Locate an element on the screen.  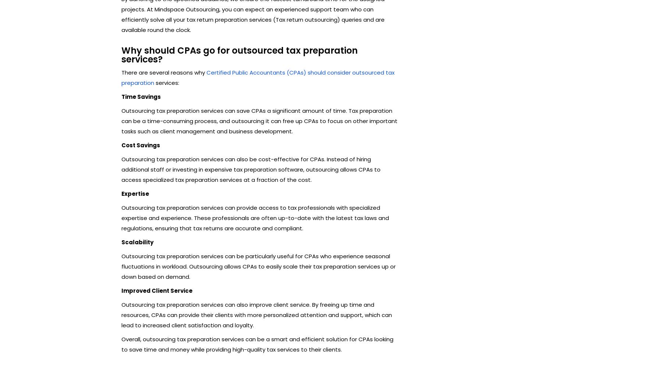
'Outsourcing tax preparation services can be particularly useful for CPAs who experience seasonal fluctuations in workload. Outsourcing allows CPAs to easily scale their tax preparation services up or down based on demand.' is located at coordinates (121, 266).